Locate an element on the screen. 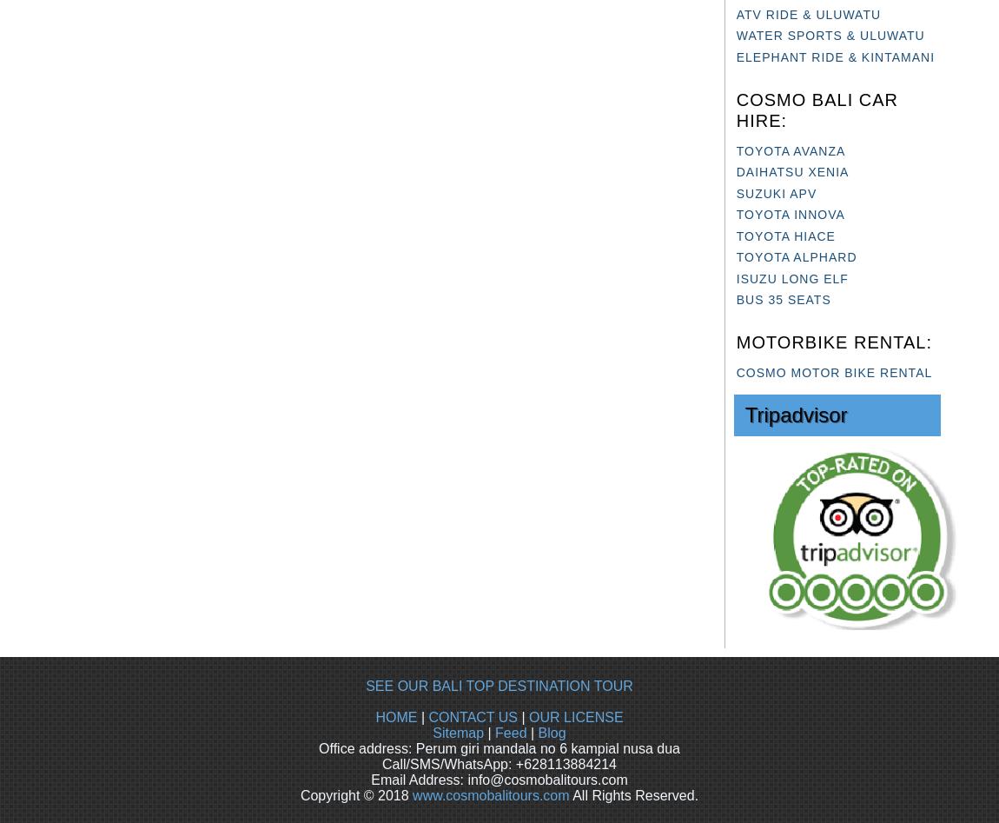 Image resolution: width=999 pixels, height=823 pixels. 'BUS 35 SEATS' is located at coordinates (783, 298).